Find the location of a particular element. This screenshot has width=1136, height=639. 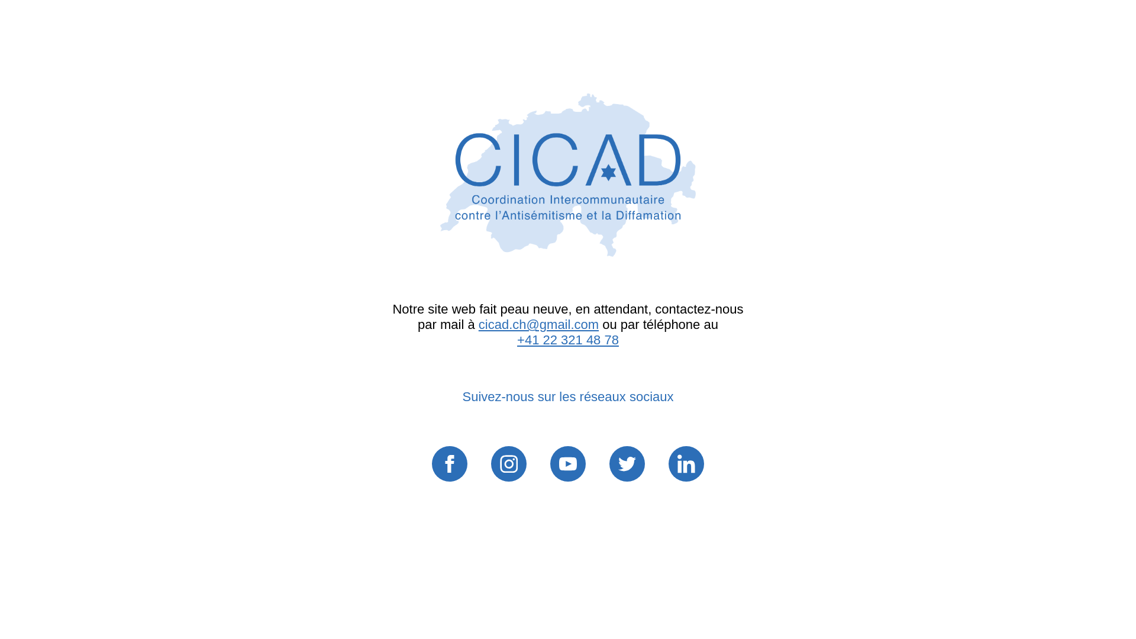

'cicad.ch@gmail.com' is located at coordinates (538, 324).